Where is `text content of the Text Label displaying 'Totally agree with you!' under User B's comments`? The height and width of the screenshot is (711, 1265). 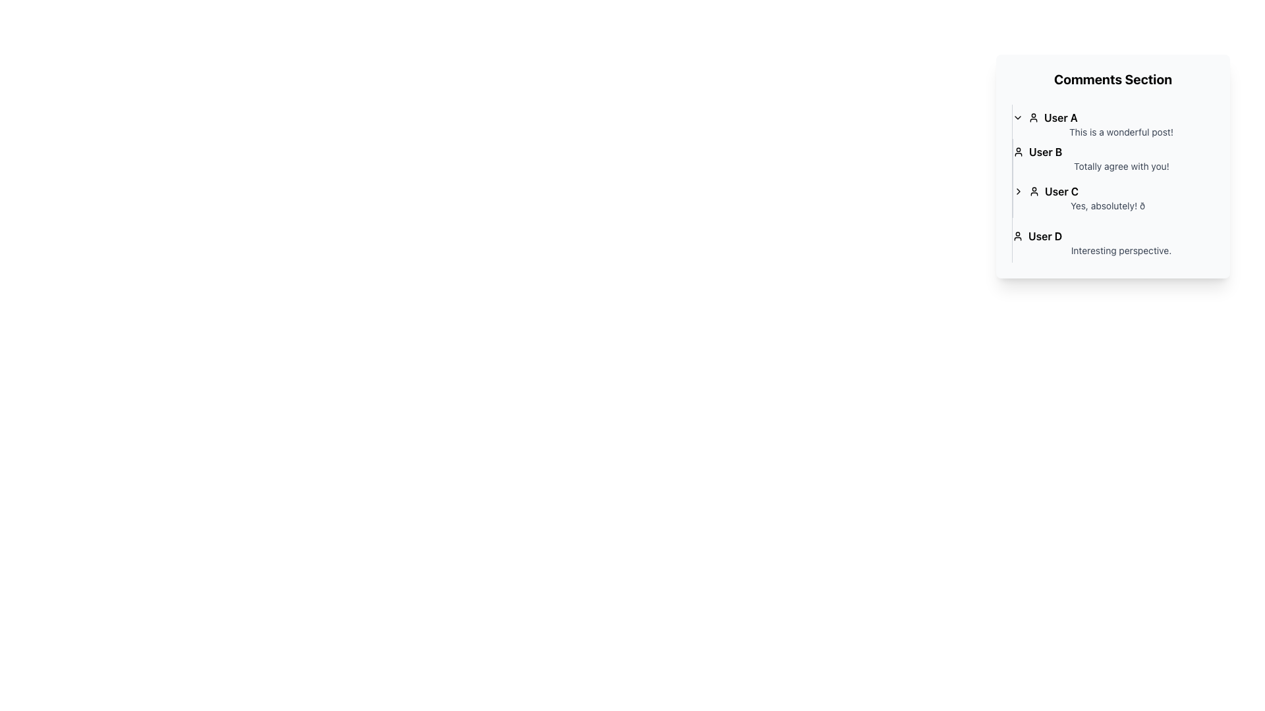 text content of the Text Label displaying 'Totally agree with you!' under User B's comments is located at coordinates (1113, 166).